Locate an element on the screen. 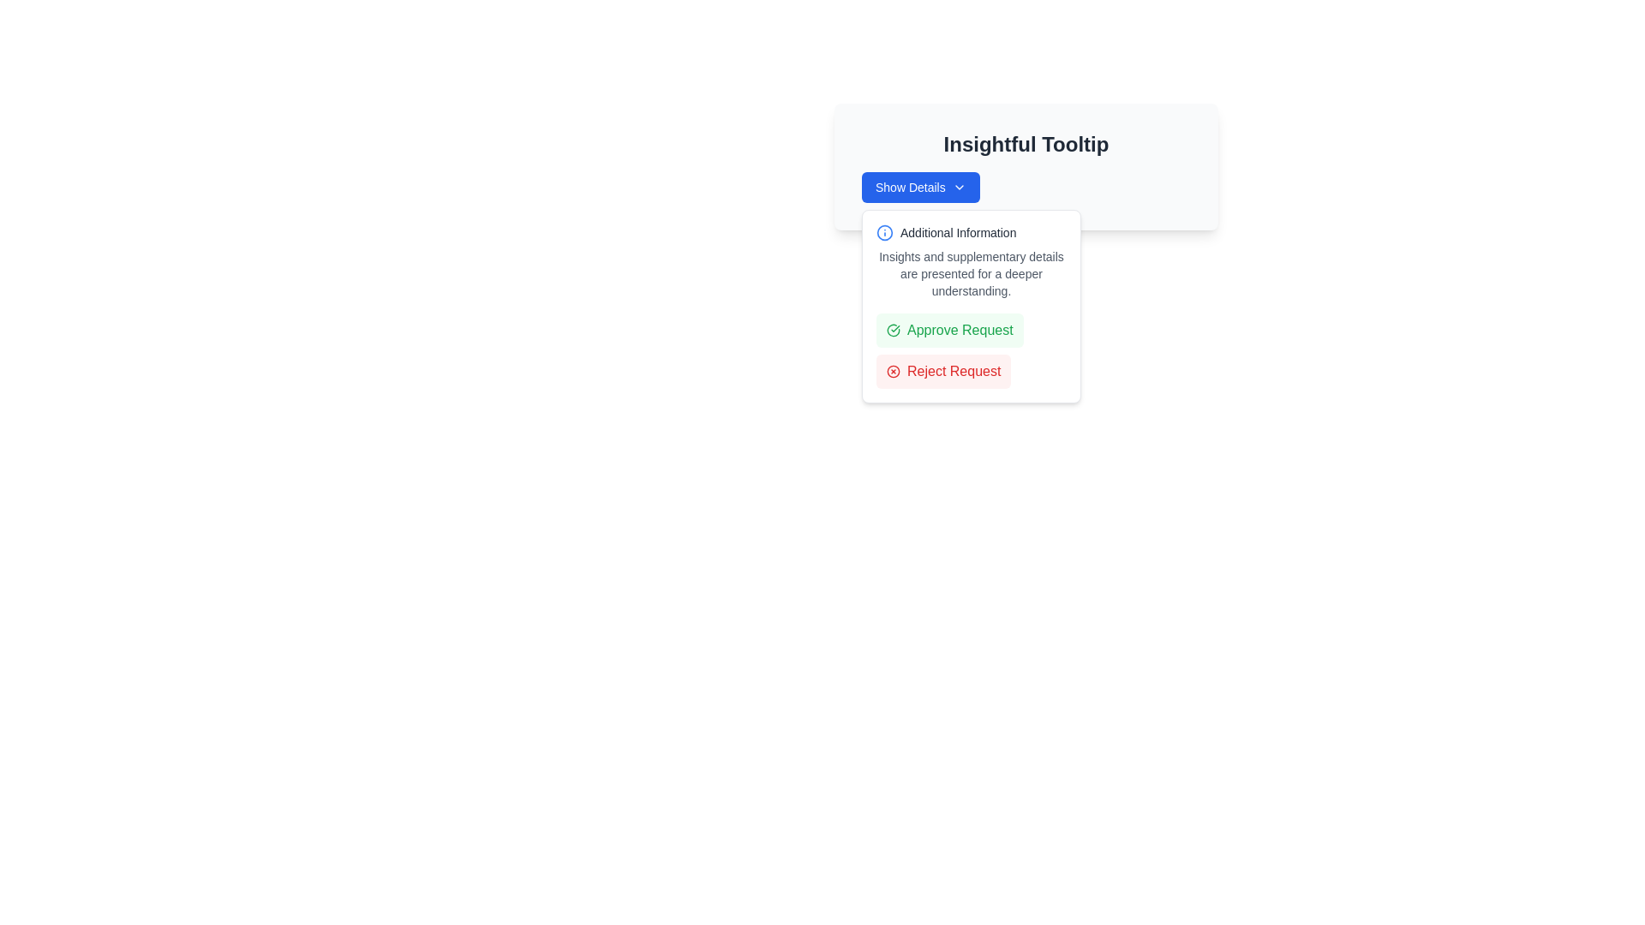 The width and height of the screenshot is (1645, 925). the 'Approve Request' or 'Reject Request' button inside the 'Additional Information' tooltip is located at coordinates (971, 306).